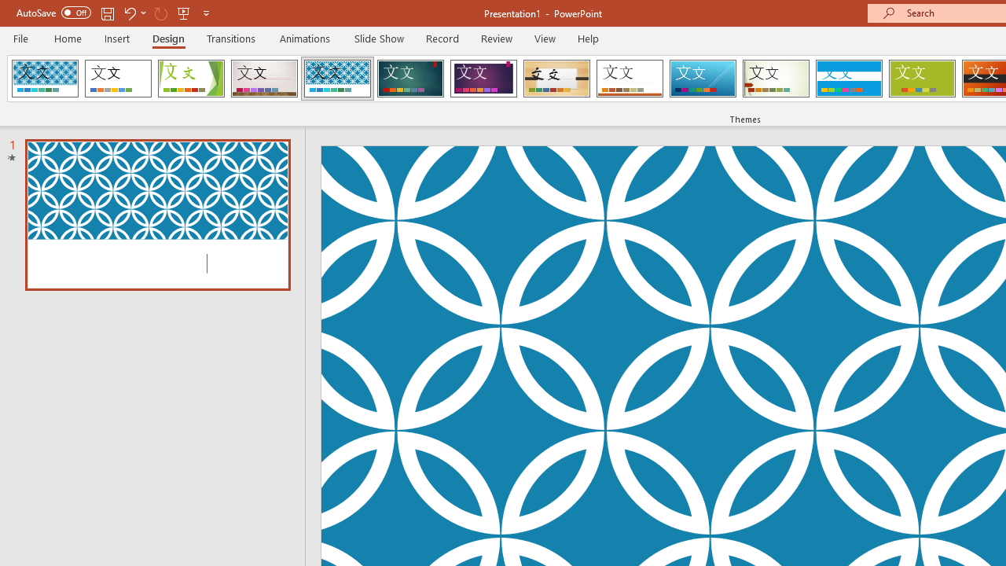  I want to click on 'Banded Loading Preview...', so click(848, 79).